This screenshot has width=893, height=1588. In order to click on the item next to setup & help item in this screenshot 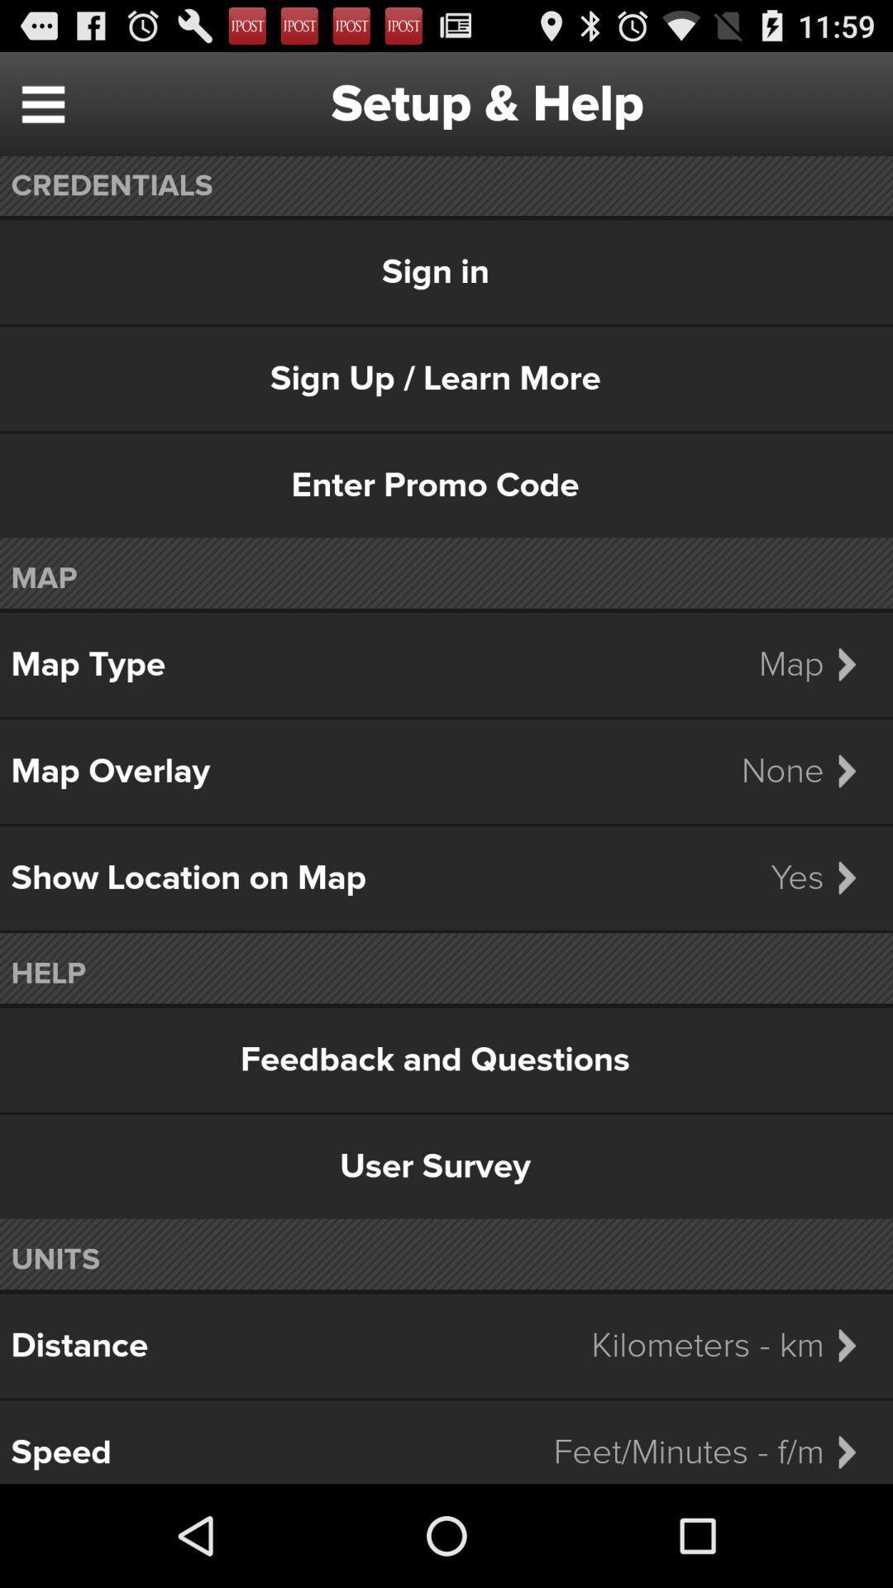, I will do `click(42, 103)`.